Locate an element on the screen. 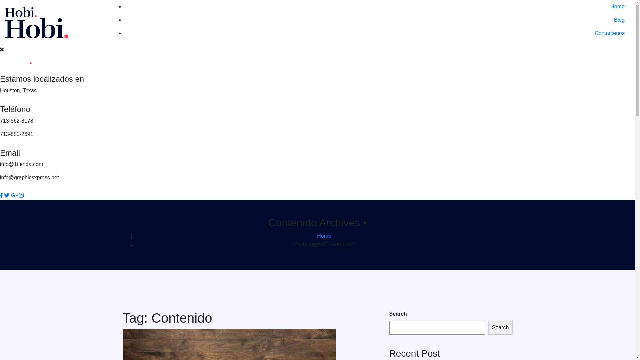  'Search' is located at coordinates (500, 327).